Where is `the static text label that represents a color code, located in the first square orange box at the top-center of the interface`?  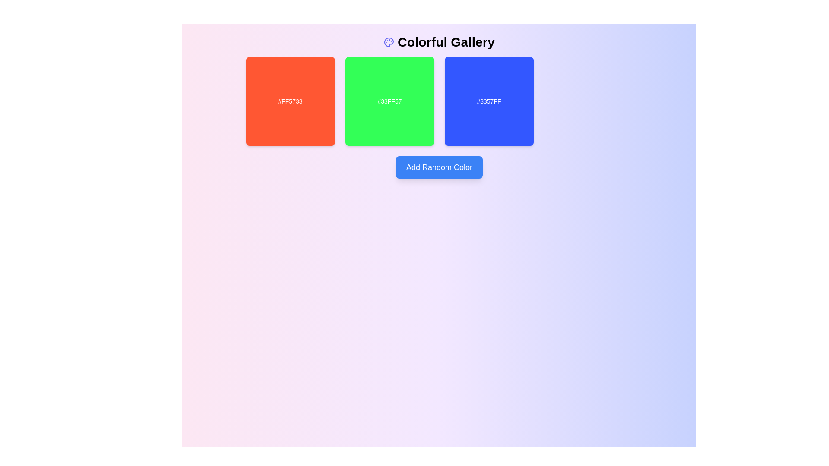 the static text label that represents a color code, located in the first square orange box at the top-center of the interface is located at coordinates (290, 101).